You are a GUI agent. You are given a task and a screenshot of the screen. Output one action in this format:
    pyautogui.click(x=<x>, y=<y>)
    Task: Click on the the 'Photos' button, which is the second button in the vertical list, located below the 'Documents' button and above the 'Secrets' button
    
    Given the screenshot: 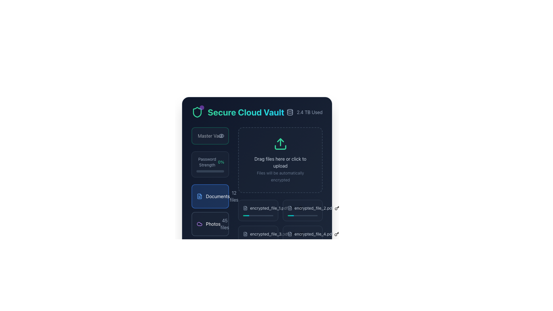 What is the action you would take?
    pyautogui.click(x=210, y=224)
    